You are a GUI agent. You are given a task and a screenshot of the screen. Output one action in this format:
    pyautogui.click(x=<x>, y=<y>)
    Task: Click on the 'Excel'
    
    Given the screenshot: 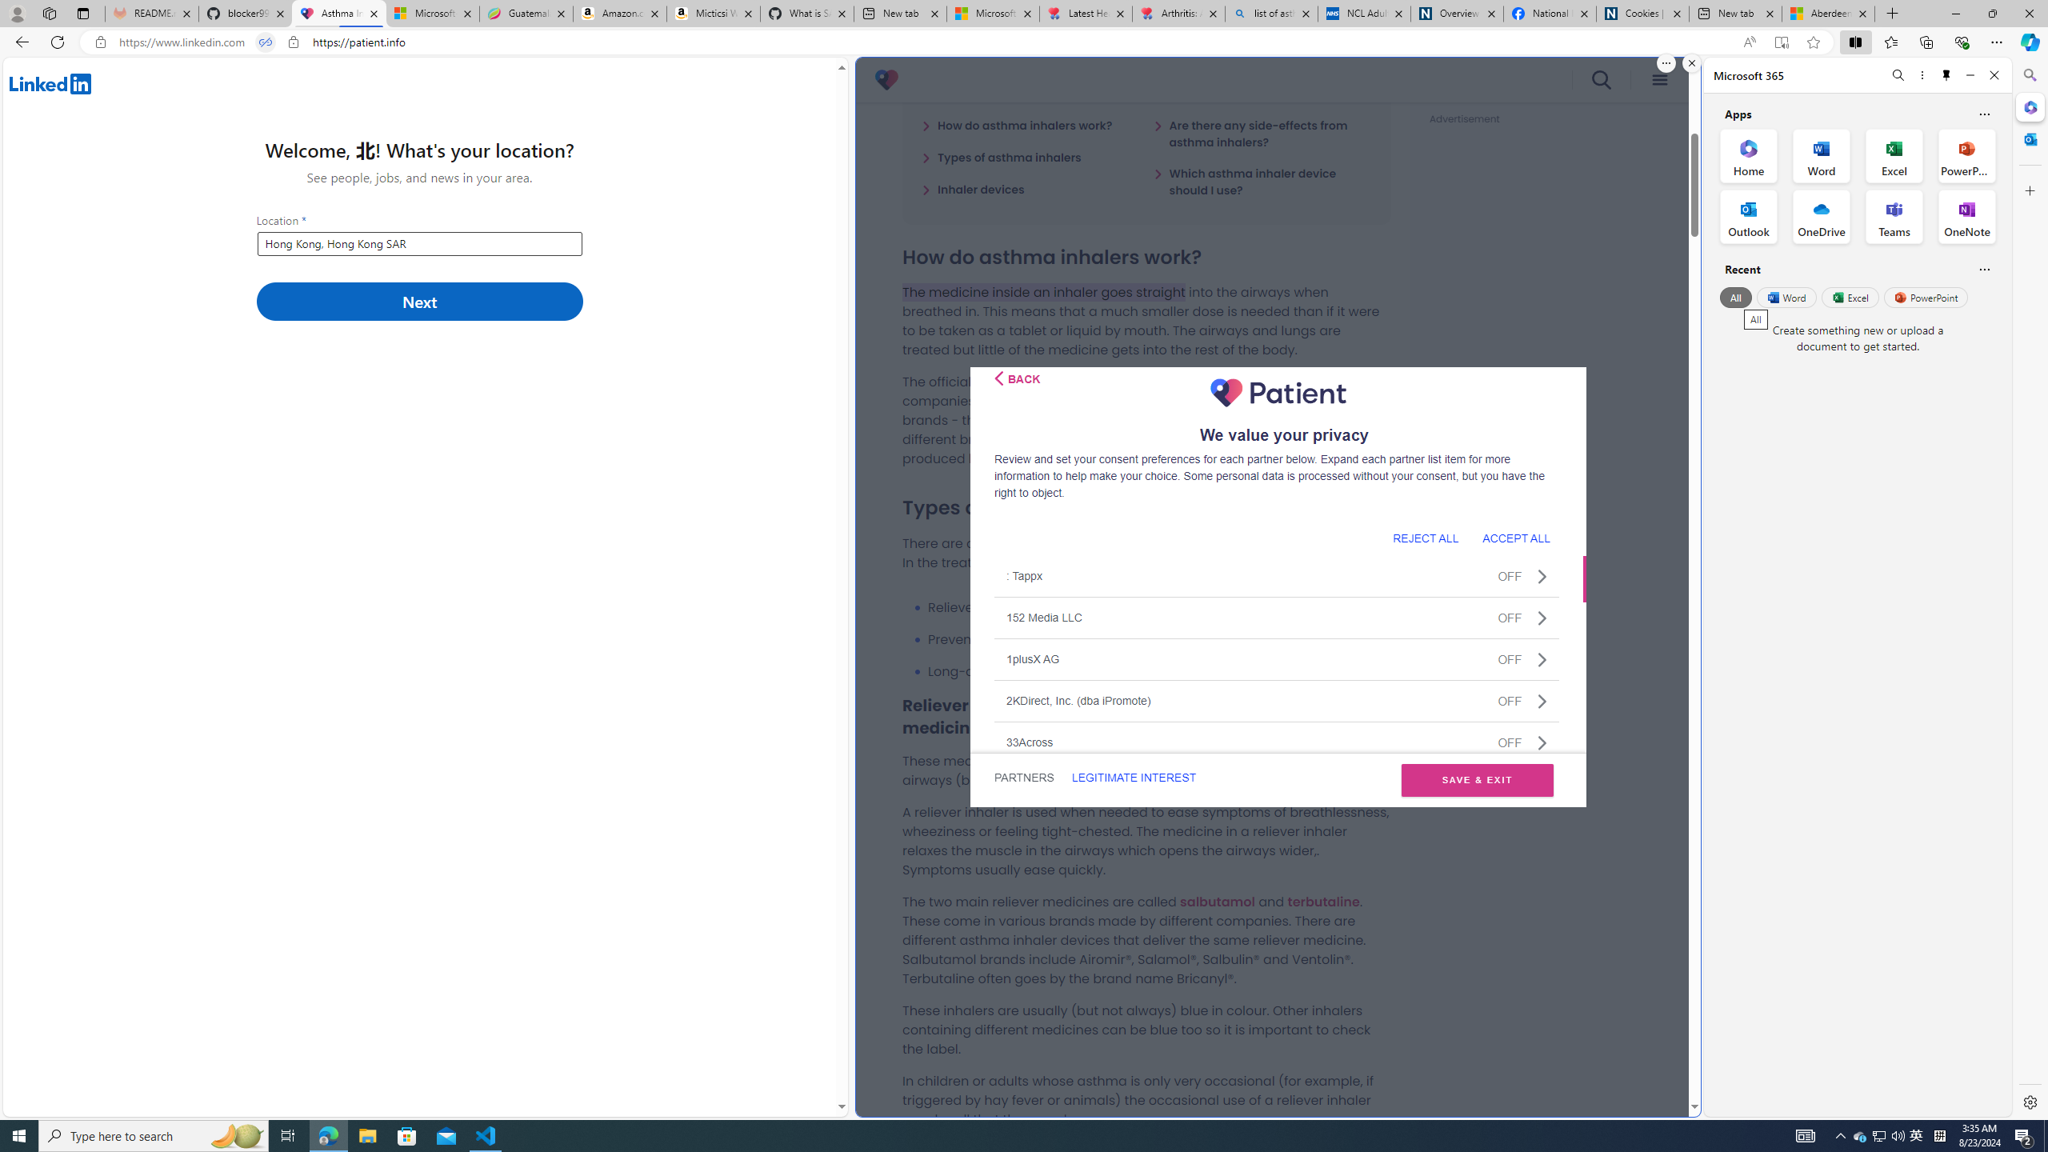 What is the action you would take?
    pyautogui.click(x=1849, y=297)
    